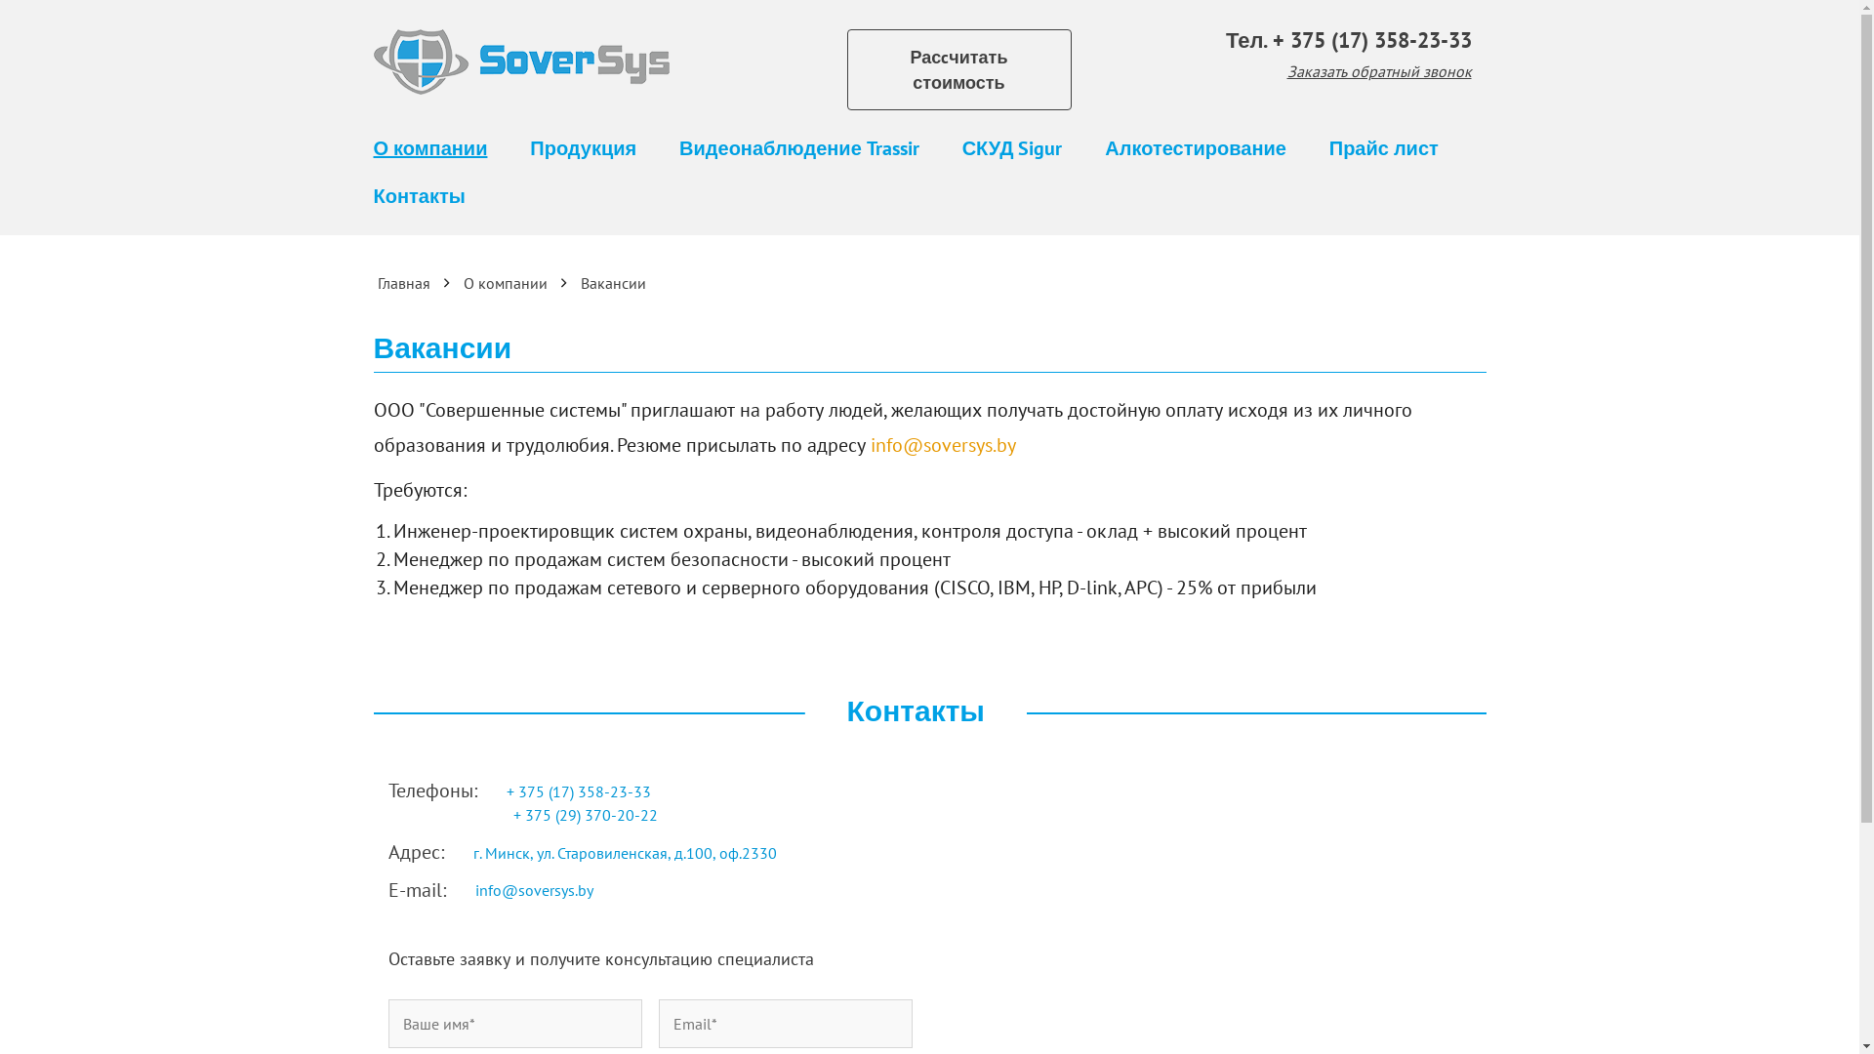 The width and height of the screenshot is (1874, 1054). I want to click on 'info@soversys.by', so click(533, 889).